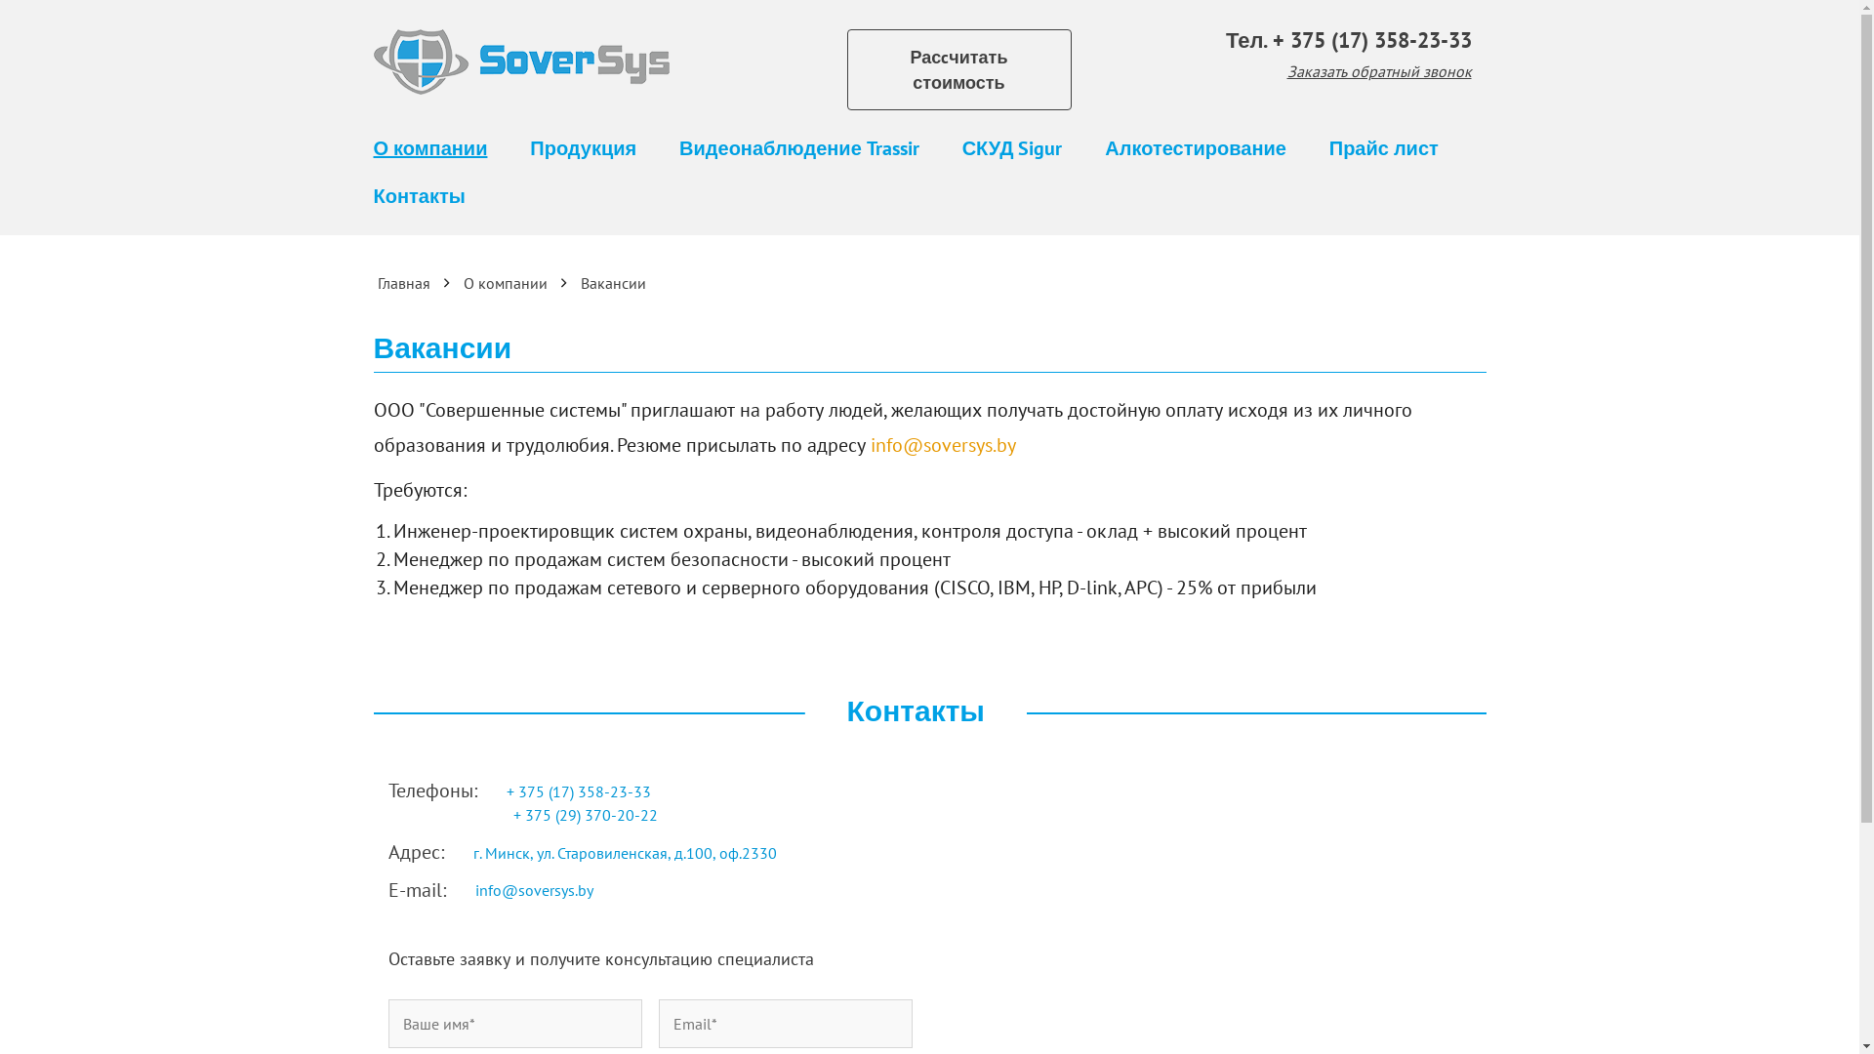 The width and height of the screenshot is (1874, 1054). I want to click on 'info@soversys.by', so click(533, 889).